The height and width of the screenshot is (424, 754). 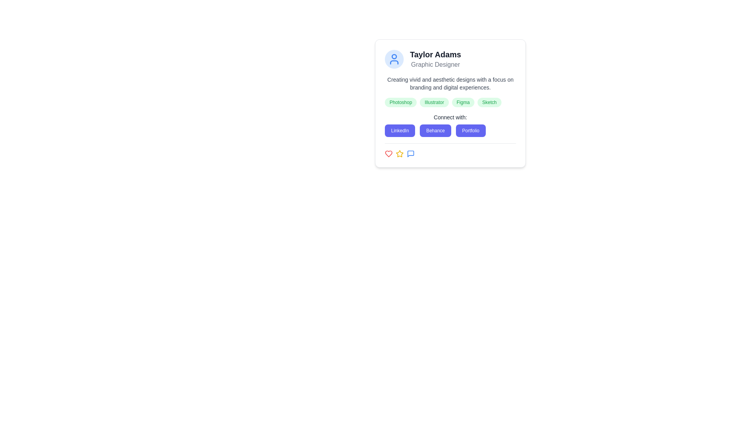 What do you see at coordinates (399, 154) in the screenshot?
I see `the star icon, which is the third item in a row of icons positioned to the right of a heart-shaped icon and to the left of a dialog box icon, located near the lower part of the card component` at bounding box center [399, 154].